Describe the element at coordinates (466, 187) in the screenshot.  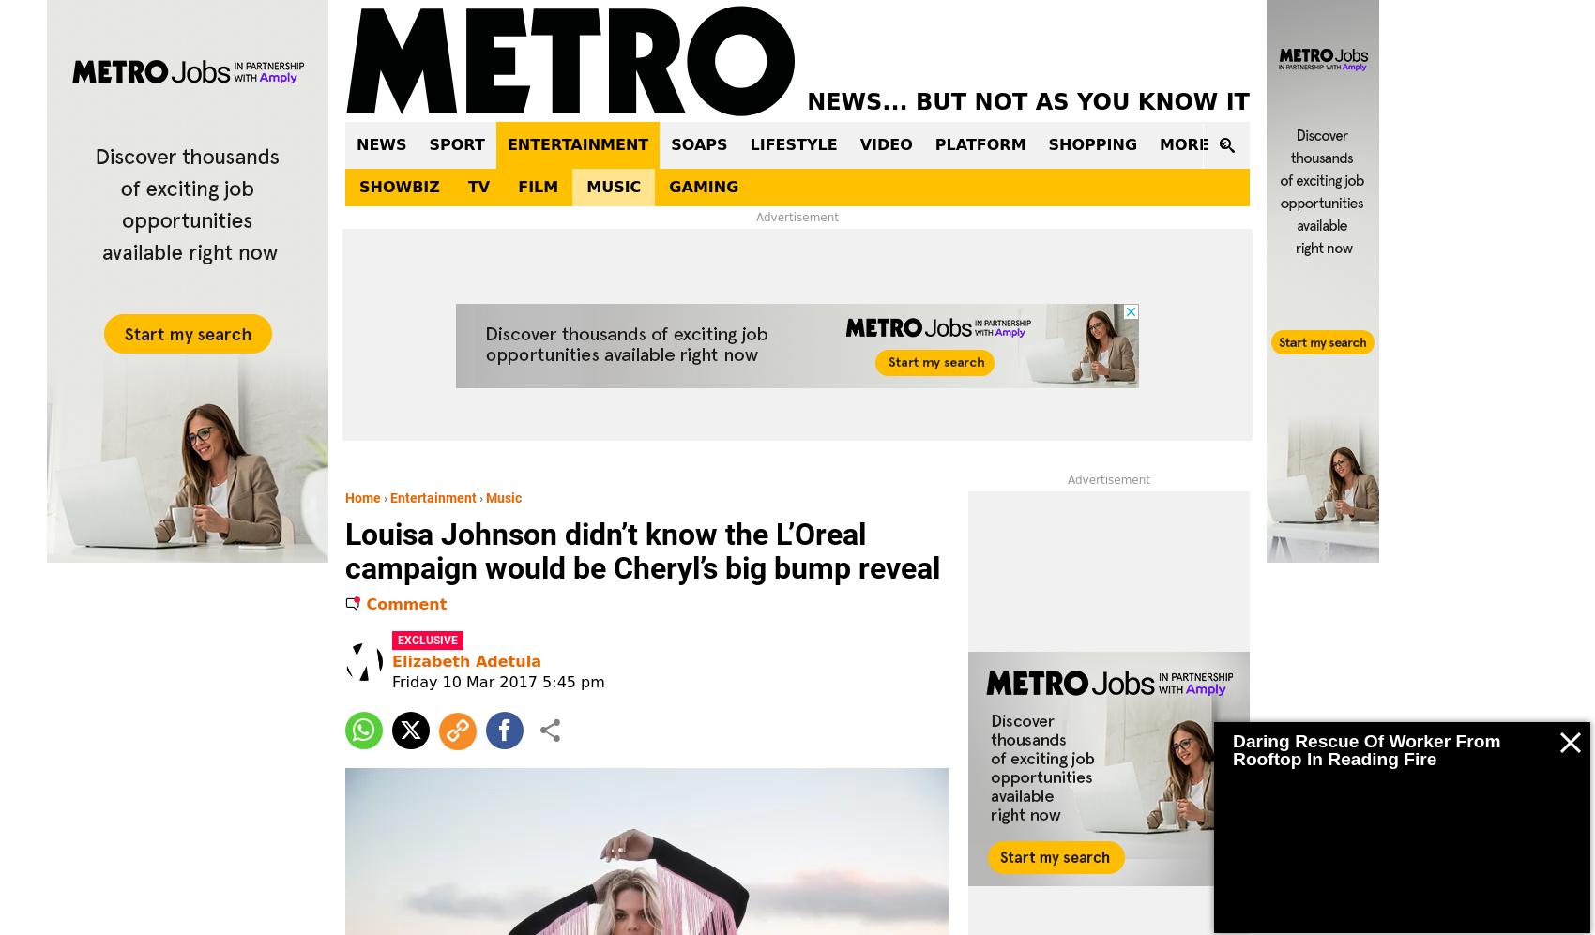
I see `'TV'` at that location.